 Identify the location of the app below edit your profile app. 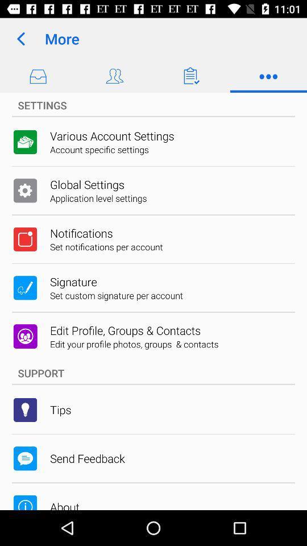
(153, 373).